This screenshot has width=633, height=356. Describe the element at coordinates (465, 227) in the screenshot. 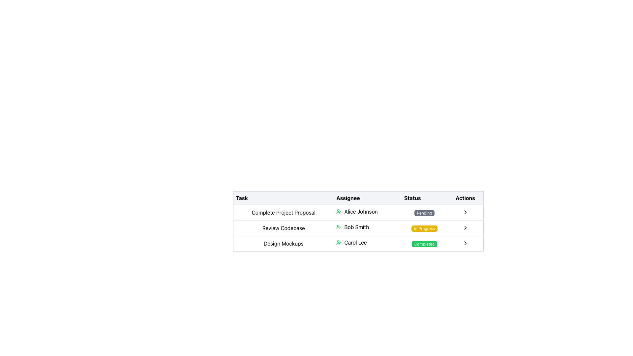

I see `the right-pointing chevron icon in the 'Actions' column of the table for the task assigned to 'Bob Smith' with status 'In Progress'` at that location.